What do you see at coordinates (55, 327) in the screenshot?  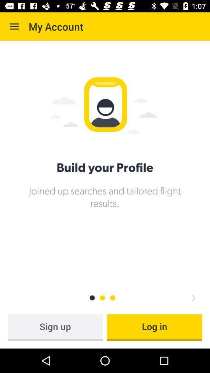 I see `the sign up icon` at bounding box center [55, 327].